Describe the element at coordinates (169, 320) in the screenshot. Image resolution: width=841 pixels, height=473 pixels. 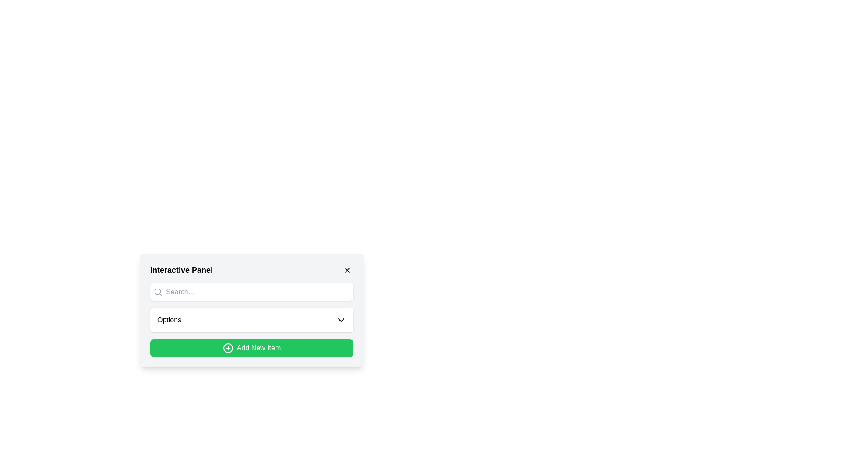
I see `the 'Options' text label for the dropdown menu` at that location.